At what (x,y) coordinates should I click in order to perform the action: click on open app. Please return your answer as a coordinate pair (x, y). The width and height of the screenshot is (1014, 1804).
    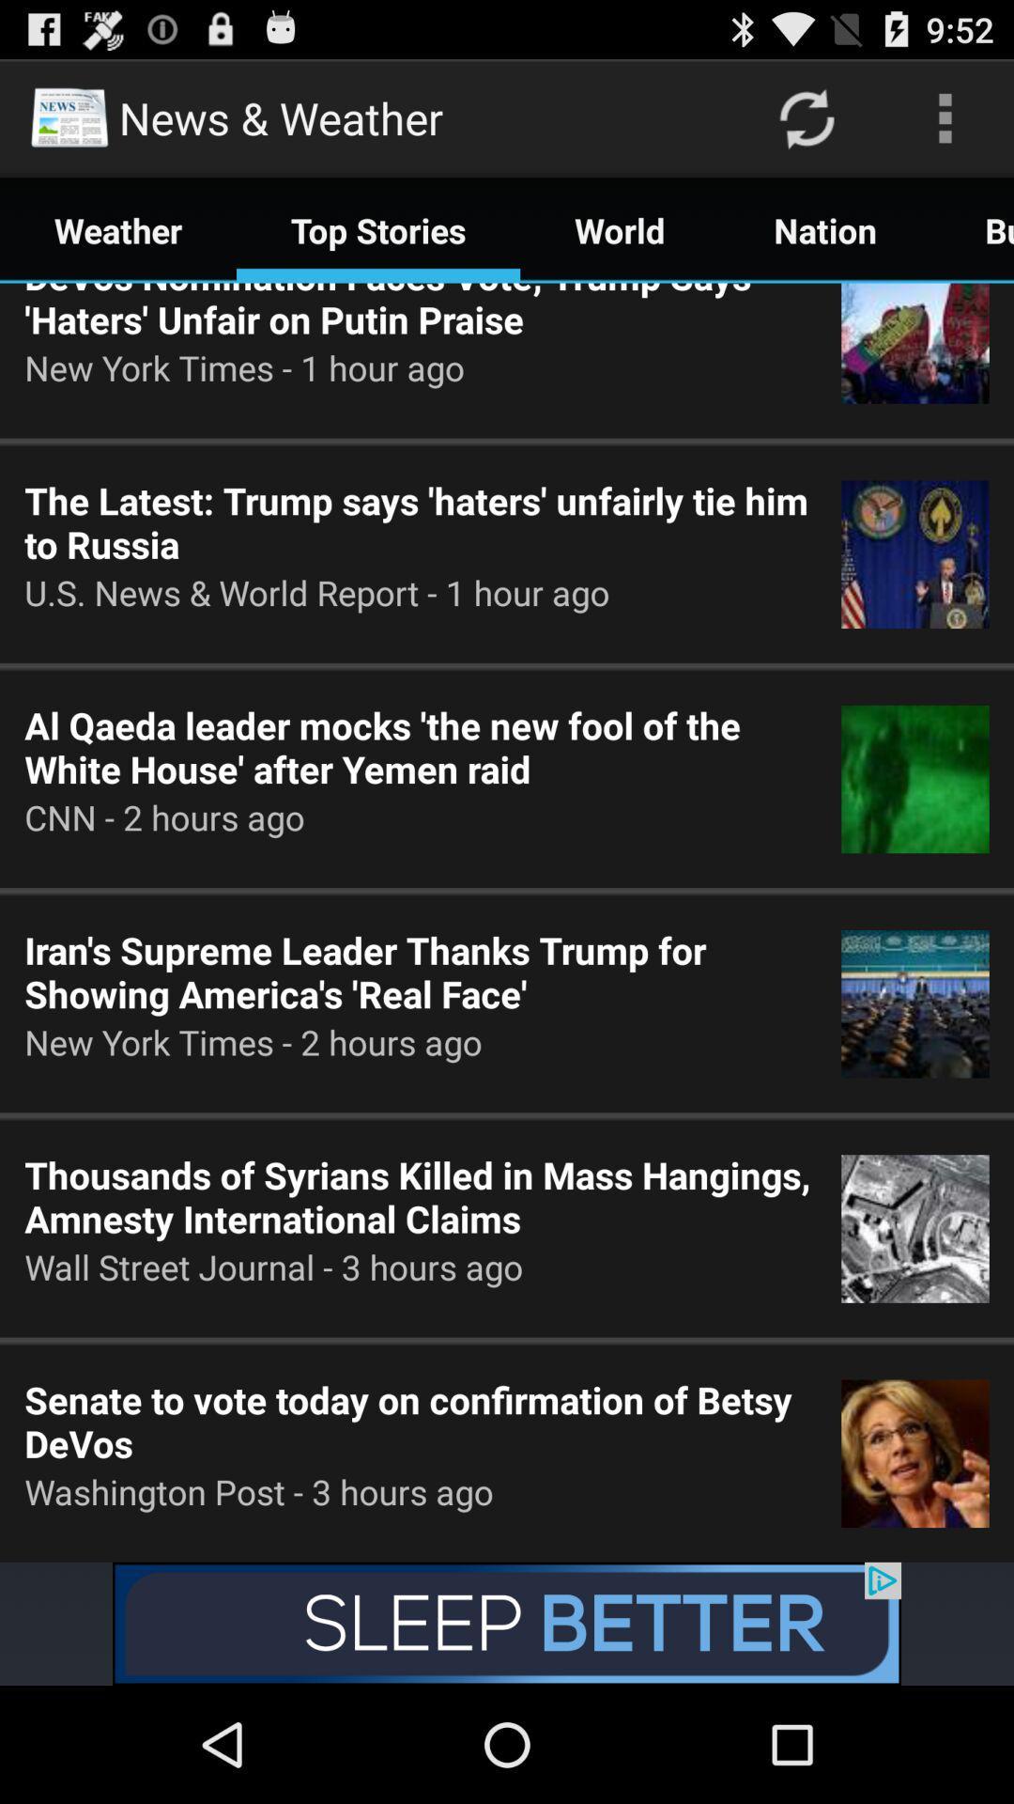
    Looking at the image, I should click on (507, 1623).